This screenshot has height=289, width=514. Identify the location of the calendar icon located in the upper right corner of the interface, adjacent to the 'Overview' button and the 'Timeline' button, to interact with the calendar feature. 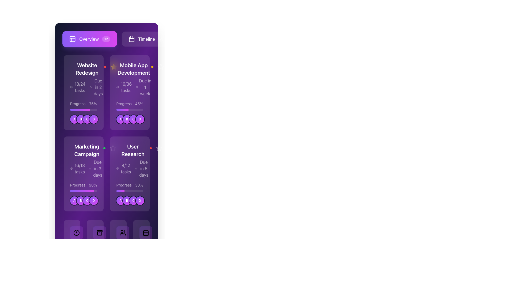
(132, 39).